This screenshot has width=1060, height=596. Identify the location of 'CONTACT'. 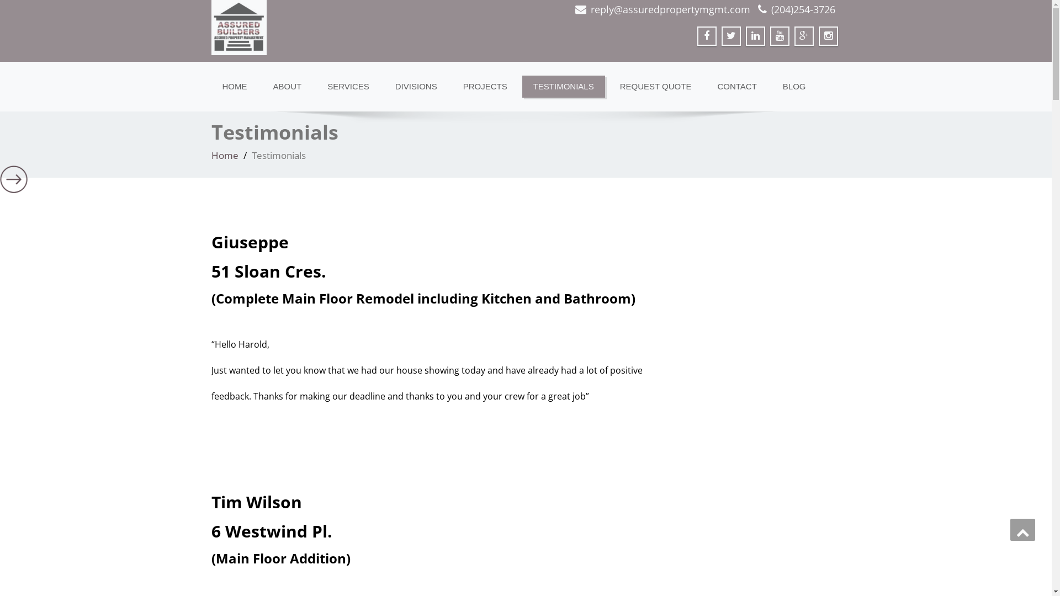
(736, 86).